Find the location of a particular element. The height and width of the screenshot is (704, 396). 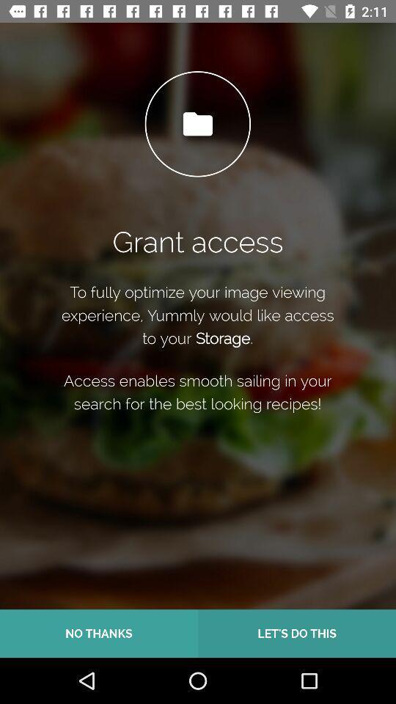

icon at the bottom right corner is located at coordinates (297, 633).